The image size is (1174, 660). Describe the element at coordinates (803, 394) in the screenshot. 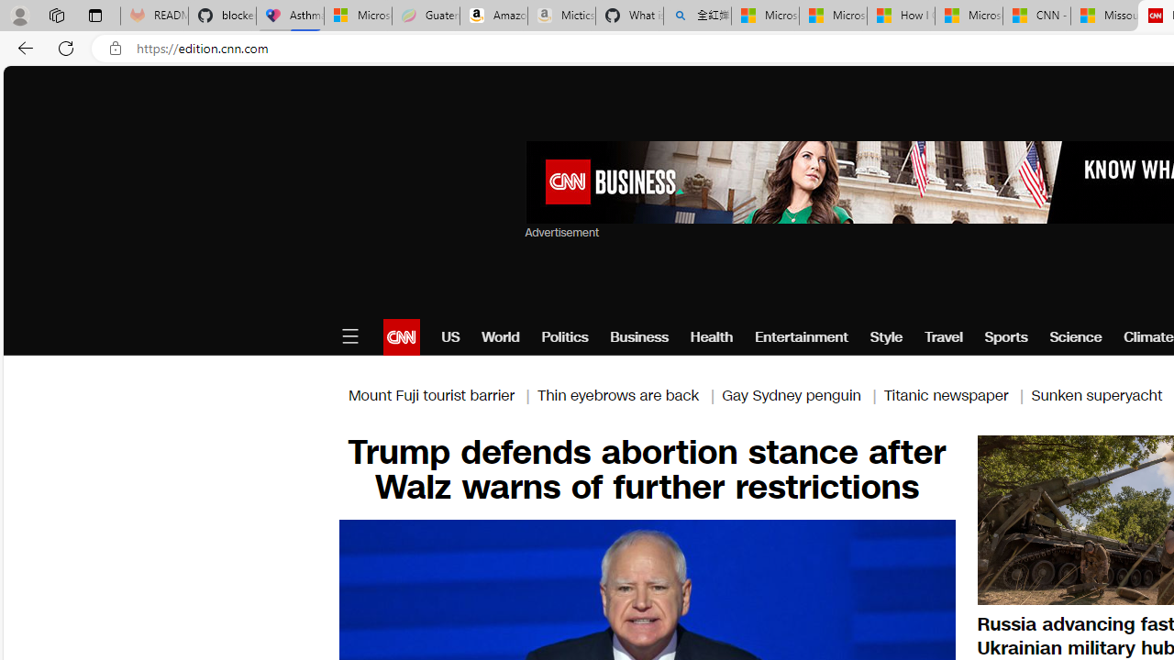

I see `'Gay Sydney penguin |'` at that location.